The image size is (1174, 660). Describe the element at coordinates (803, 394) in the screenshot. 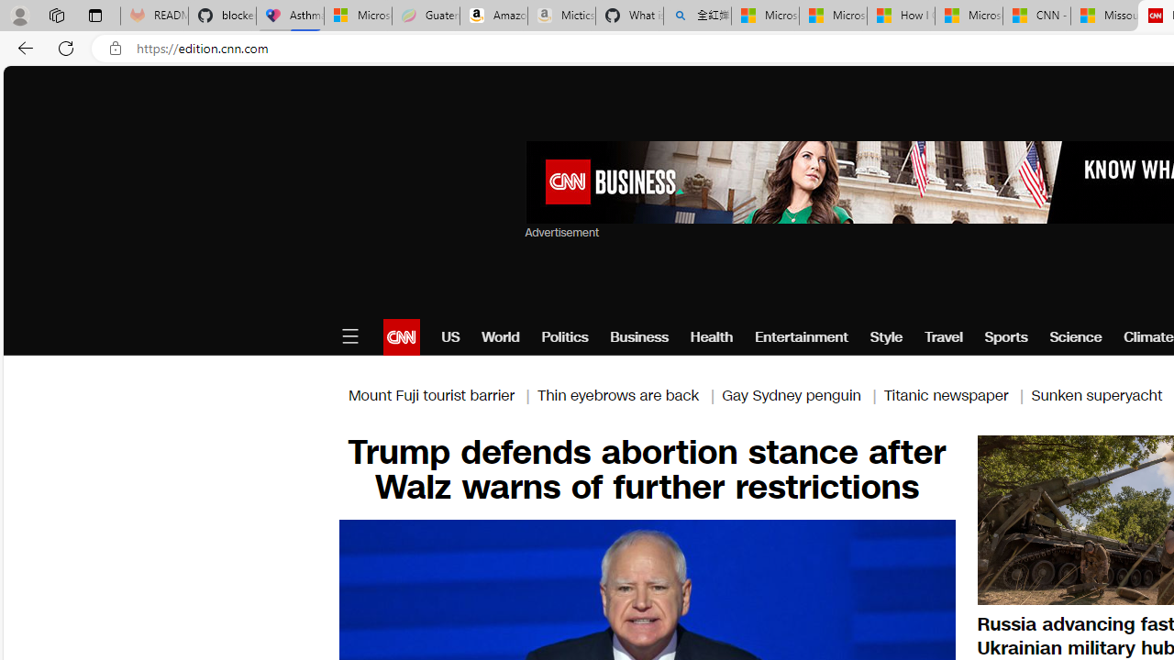

I see `'Gay Sydney penguin |'` at that location.